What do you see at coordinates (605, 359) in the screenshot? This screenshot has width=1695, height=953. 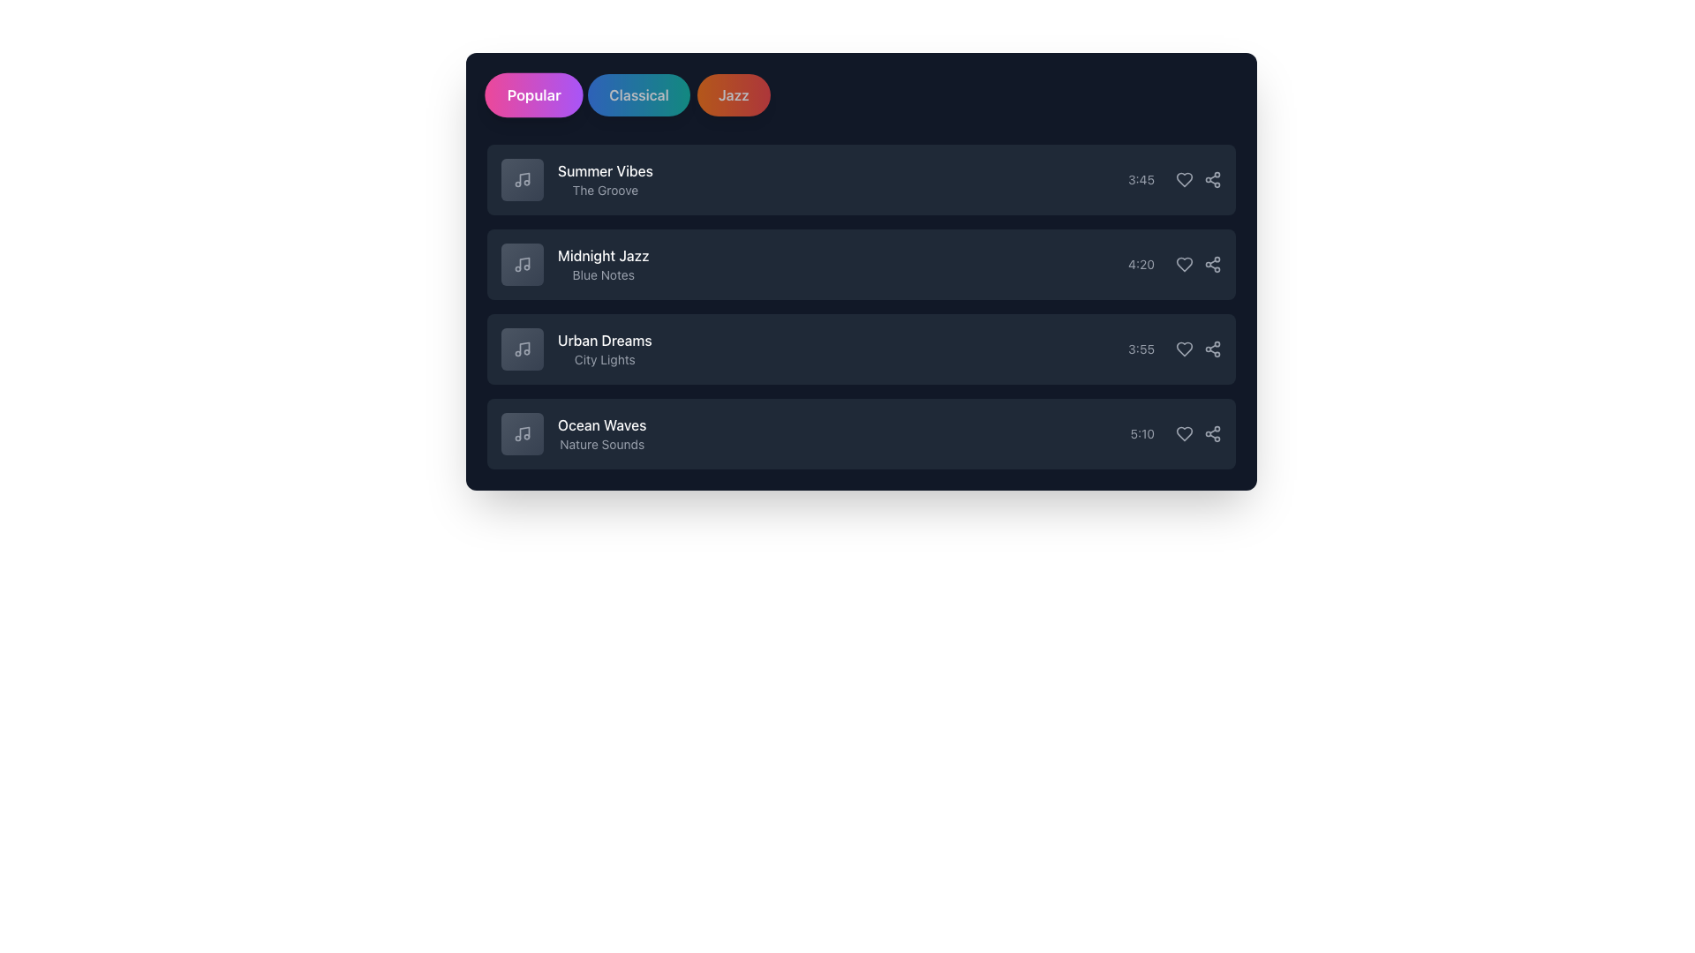 I see `the text label displaying 'City Lights' which is positioned below 'Urban Dreams' in the list` at bounding box center [605, 359].